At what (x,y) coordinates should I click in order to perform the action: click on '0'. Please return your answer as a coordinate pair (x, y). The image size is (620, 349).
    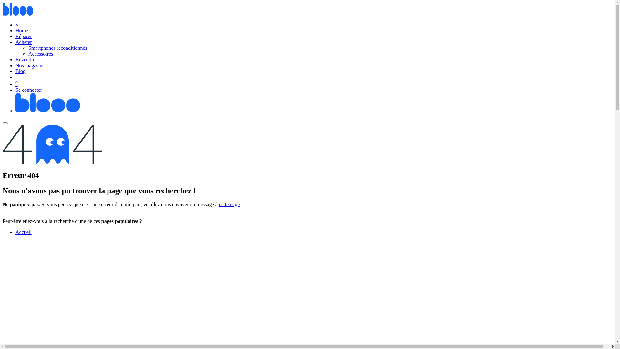
    Looking at the image, I should click on (15, 84).